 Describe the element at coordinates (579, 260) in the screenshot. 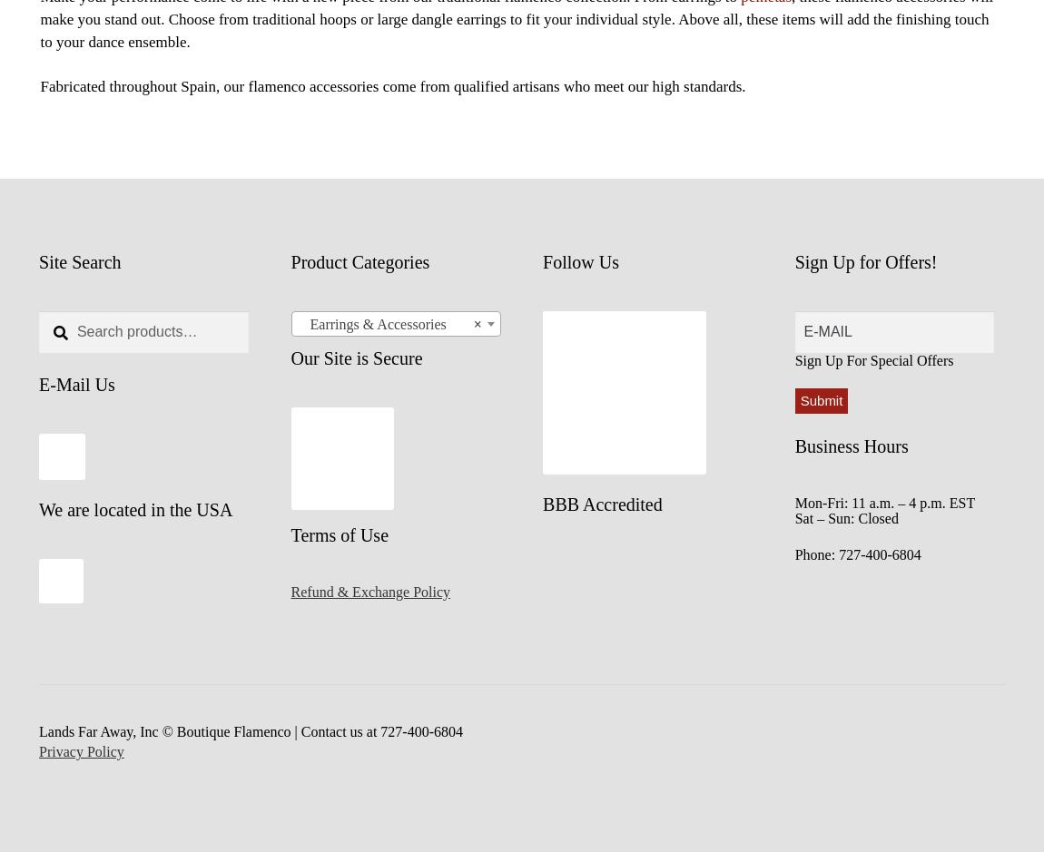

I see `'Follow Us'` at that location.